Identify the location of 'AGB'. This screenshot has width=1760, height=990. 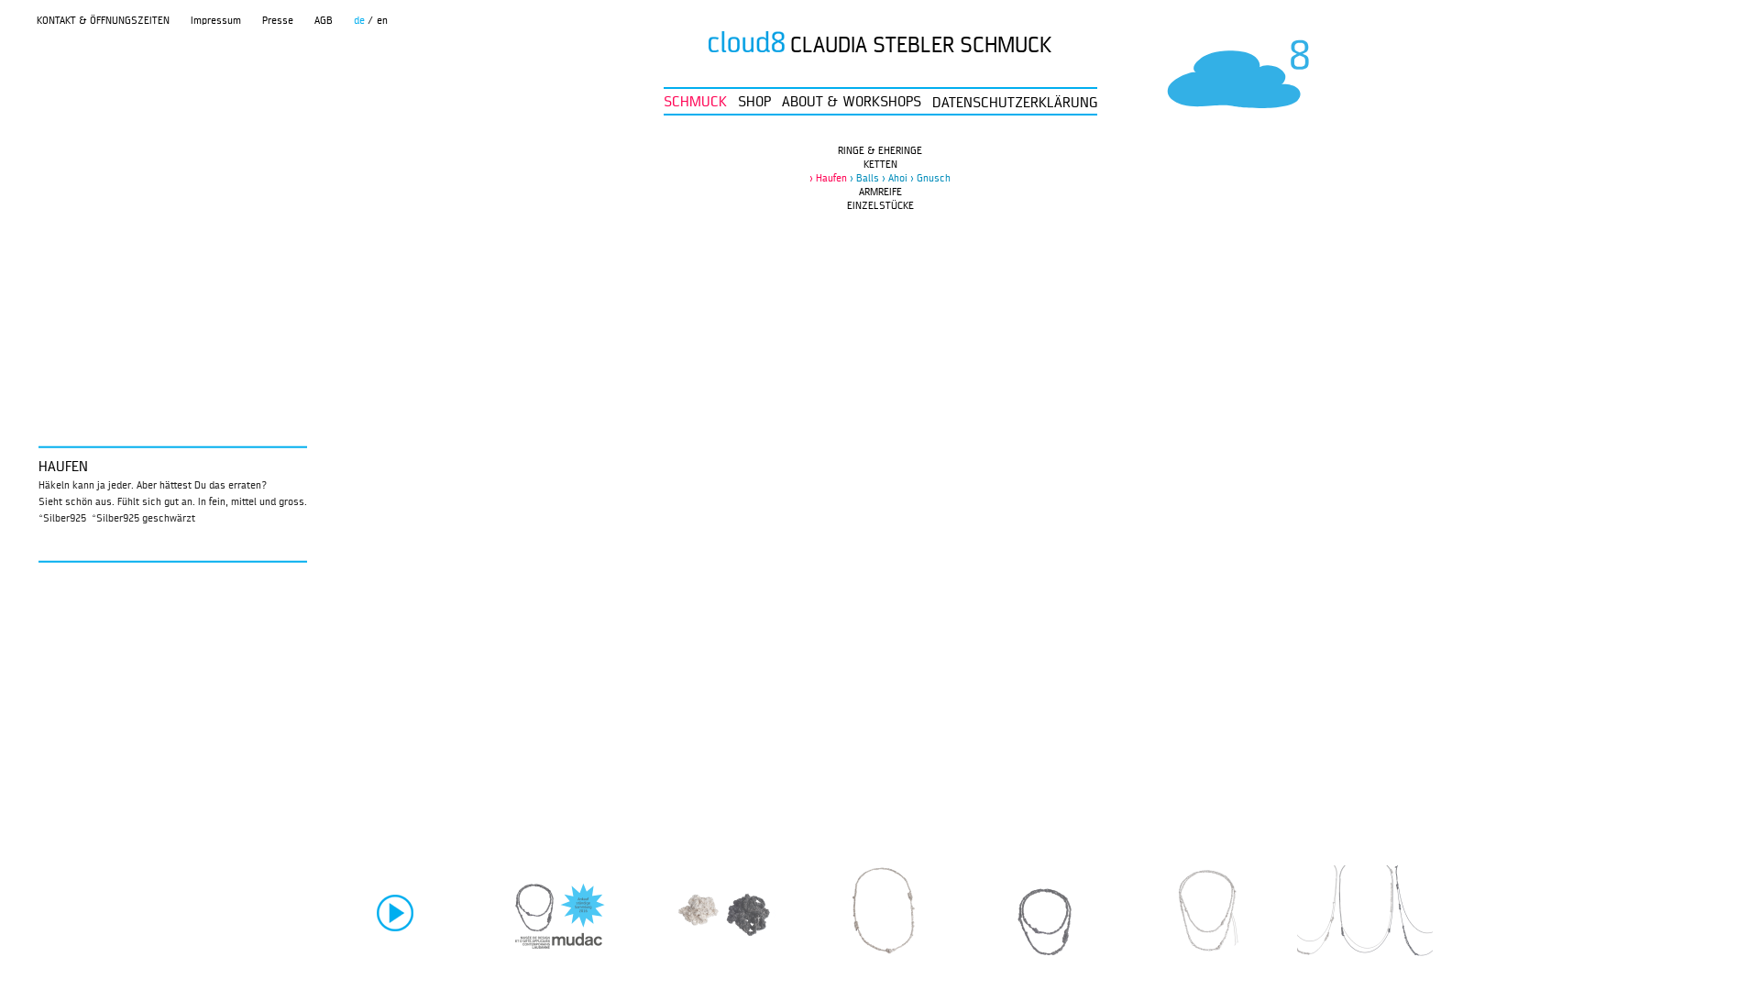
(313, 21).